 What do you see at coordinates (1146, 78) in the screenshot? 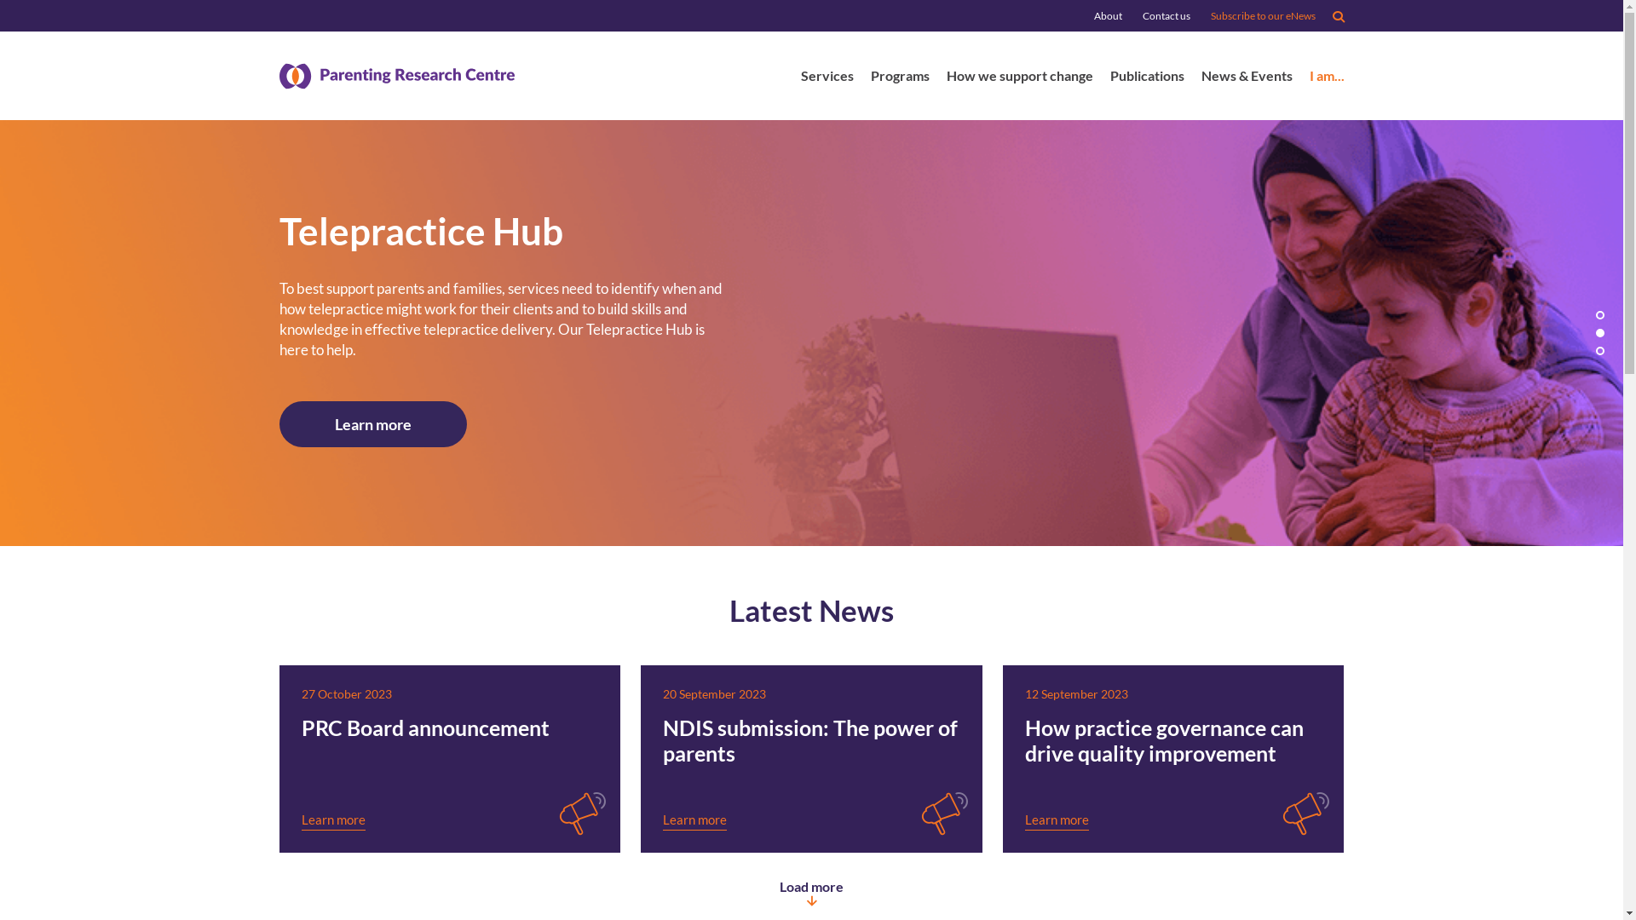
I see `'Publications'` at bounding box center [1146, 78].